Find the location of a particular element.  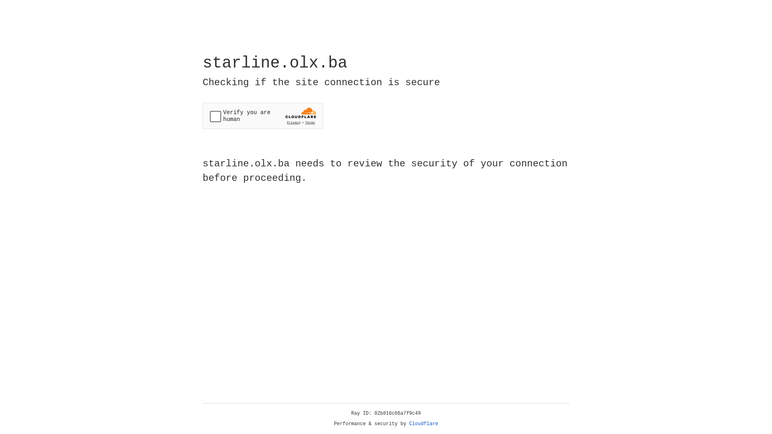

'Widget containing a Cloudflare security challenge' is located at coordinates (263, 116).